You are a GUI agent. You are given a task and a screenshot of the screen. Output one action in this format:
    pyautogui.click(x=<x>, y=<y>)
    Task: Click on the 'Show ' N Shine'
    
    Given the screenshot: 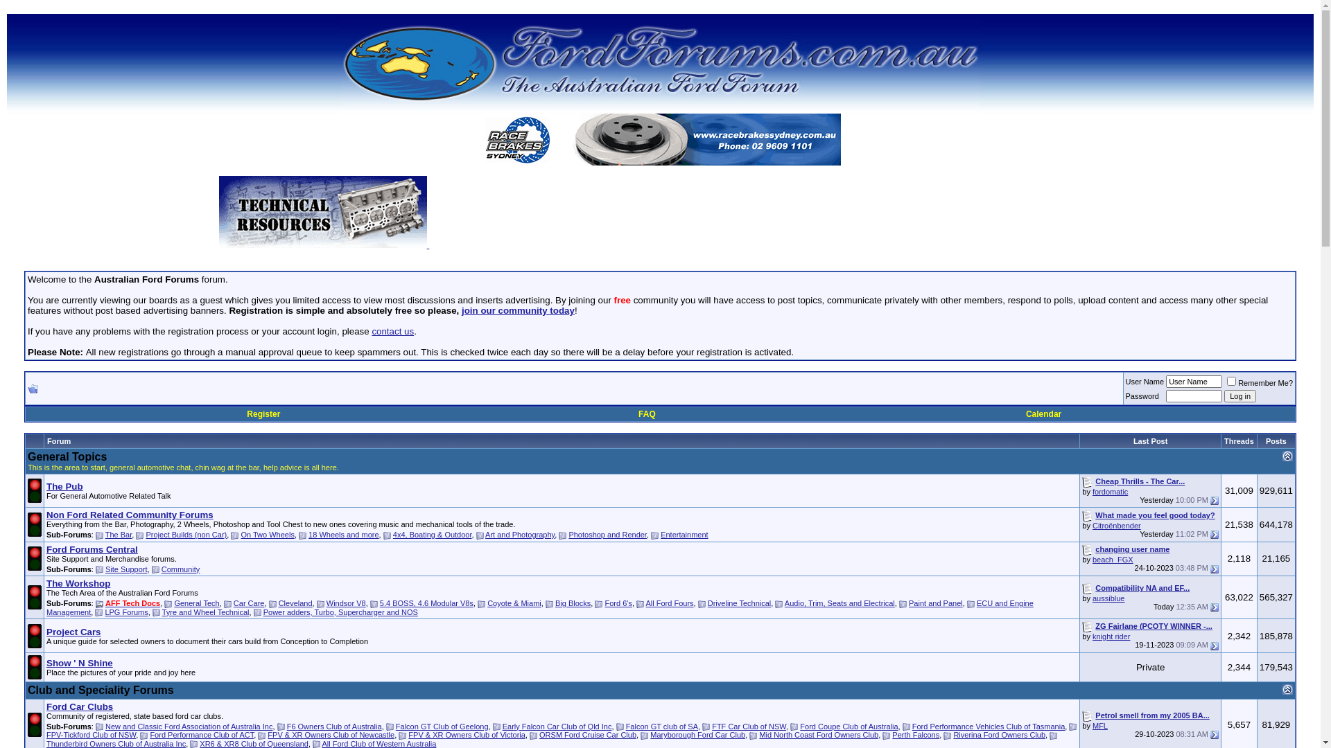 What is the action you would take?
    pyautogui.click(x=79, y=662)
    